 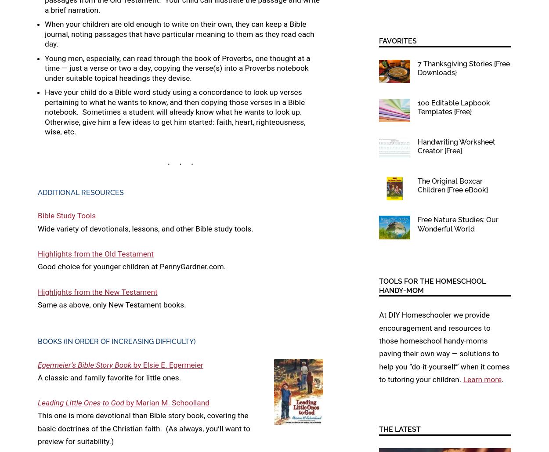 I want to click on 'Highlights from the New Testament', so click(x=97, y=291).